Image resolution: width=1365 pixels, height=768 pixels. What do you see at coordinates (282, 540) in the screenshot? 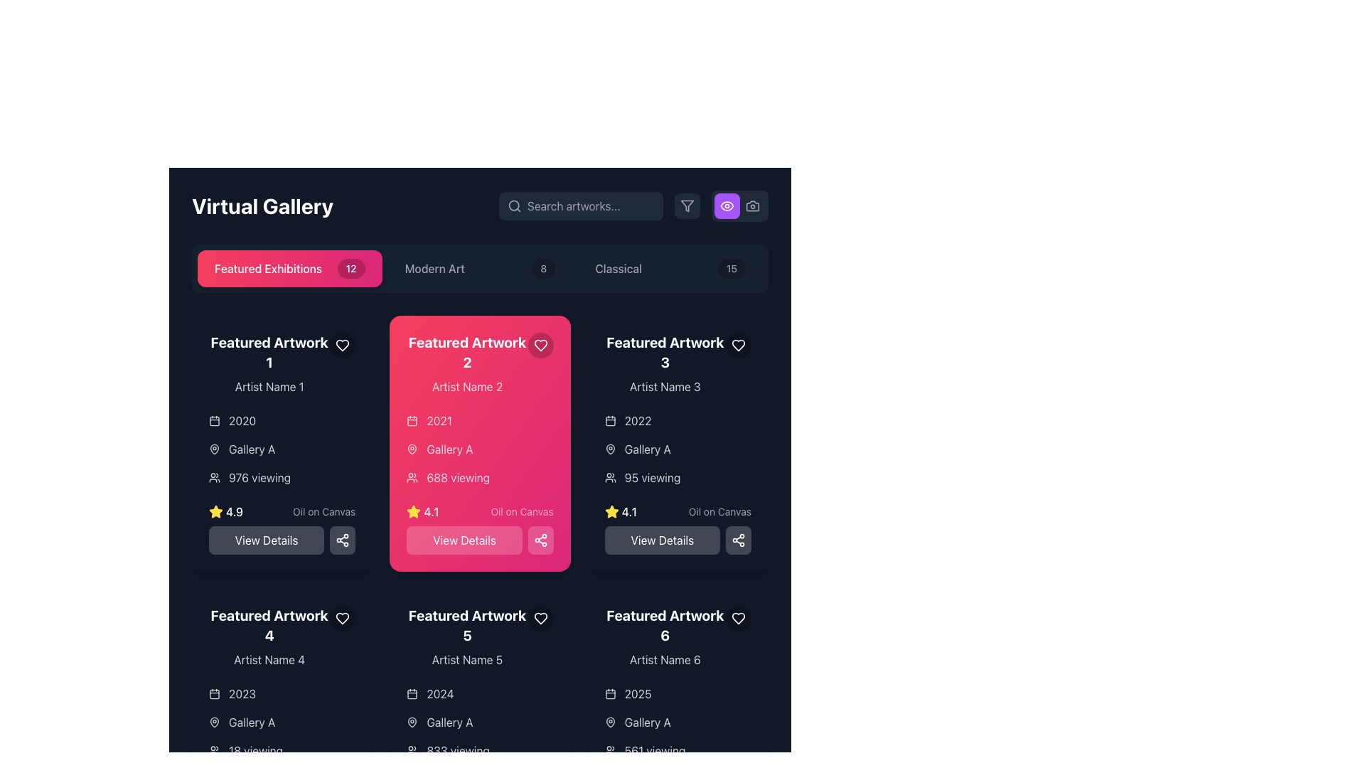
I see `the 'View Details' button located at the bottom of the 'Featured Artwork 1' card to trigger the hover effect` at bounding box center [282, 540].